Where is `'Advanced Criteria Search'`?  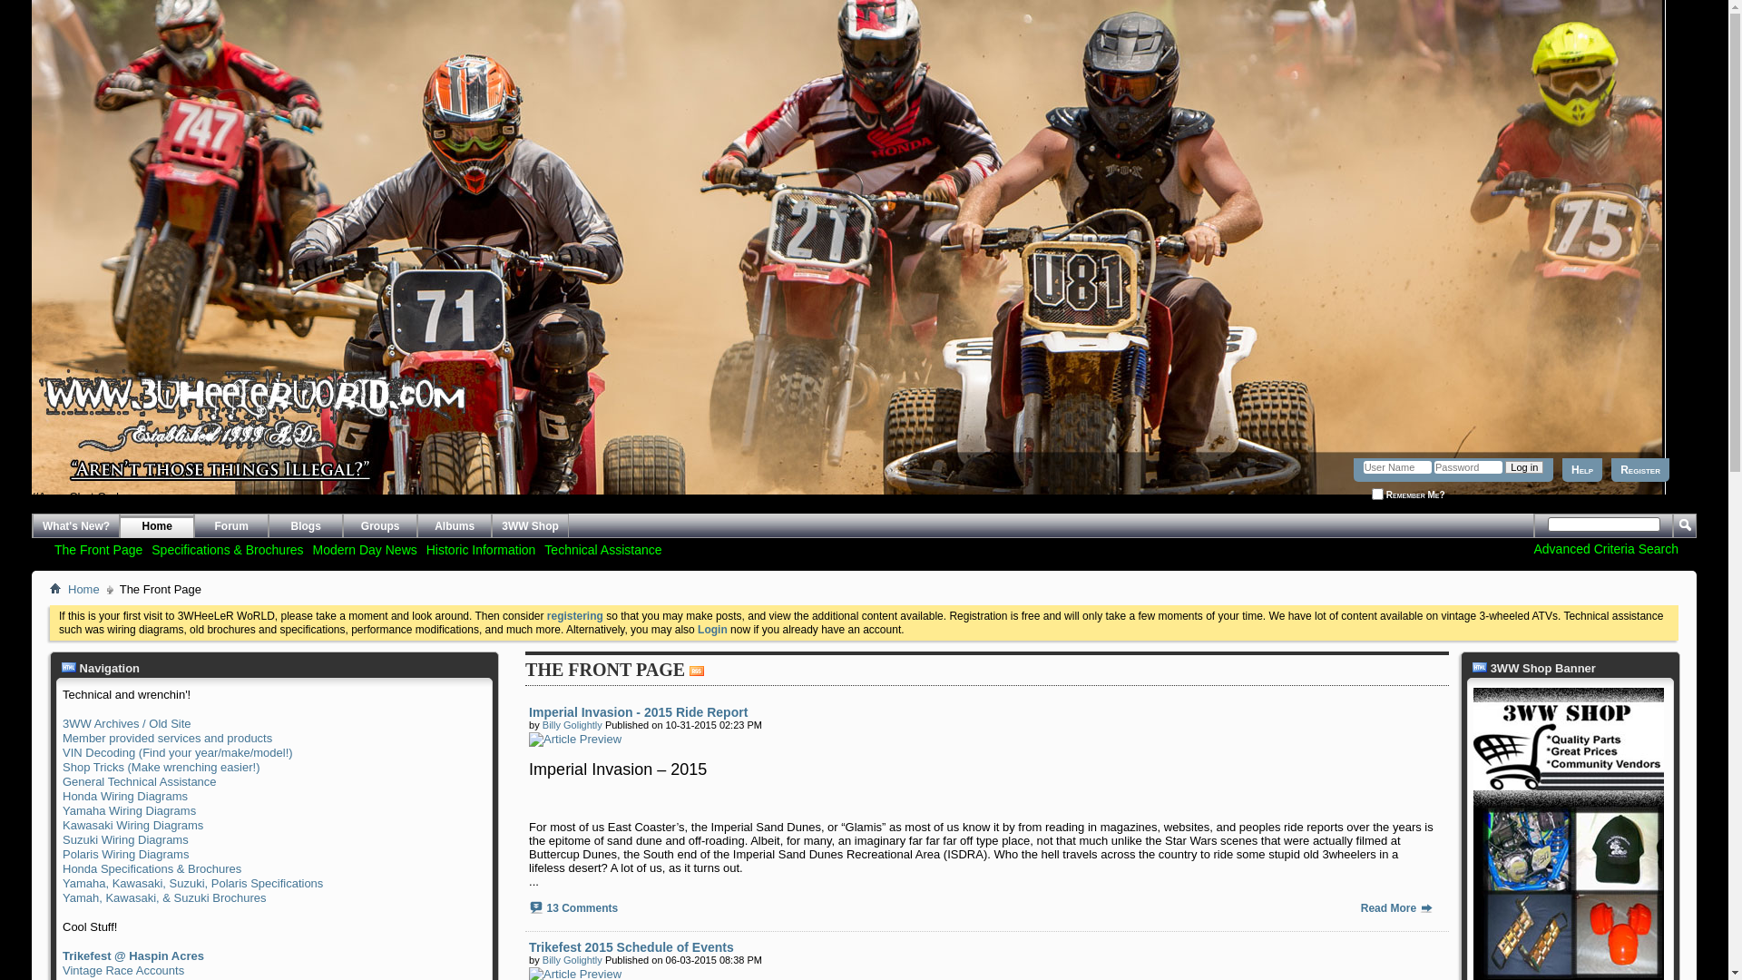 'Advanced Criteria Search' is located at coordinates (1606, 548).